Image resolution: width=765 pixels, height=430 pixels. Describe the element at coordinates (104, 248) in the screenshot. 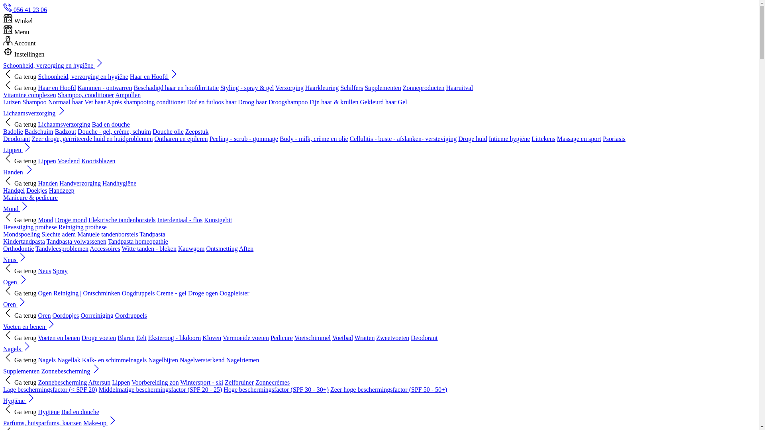

I see `'Accessoires'` at that location.